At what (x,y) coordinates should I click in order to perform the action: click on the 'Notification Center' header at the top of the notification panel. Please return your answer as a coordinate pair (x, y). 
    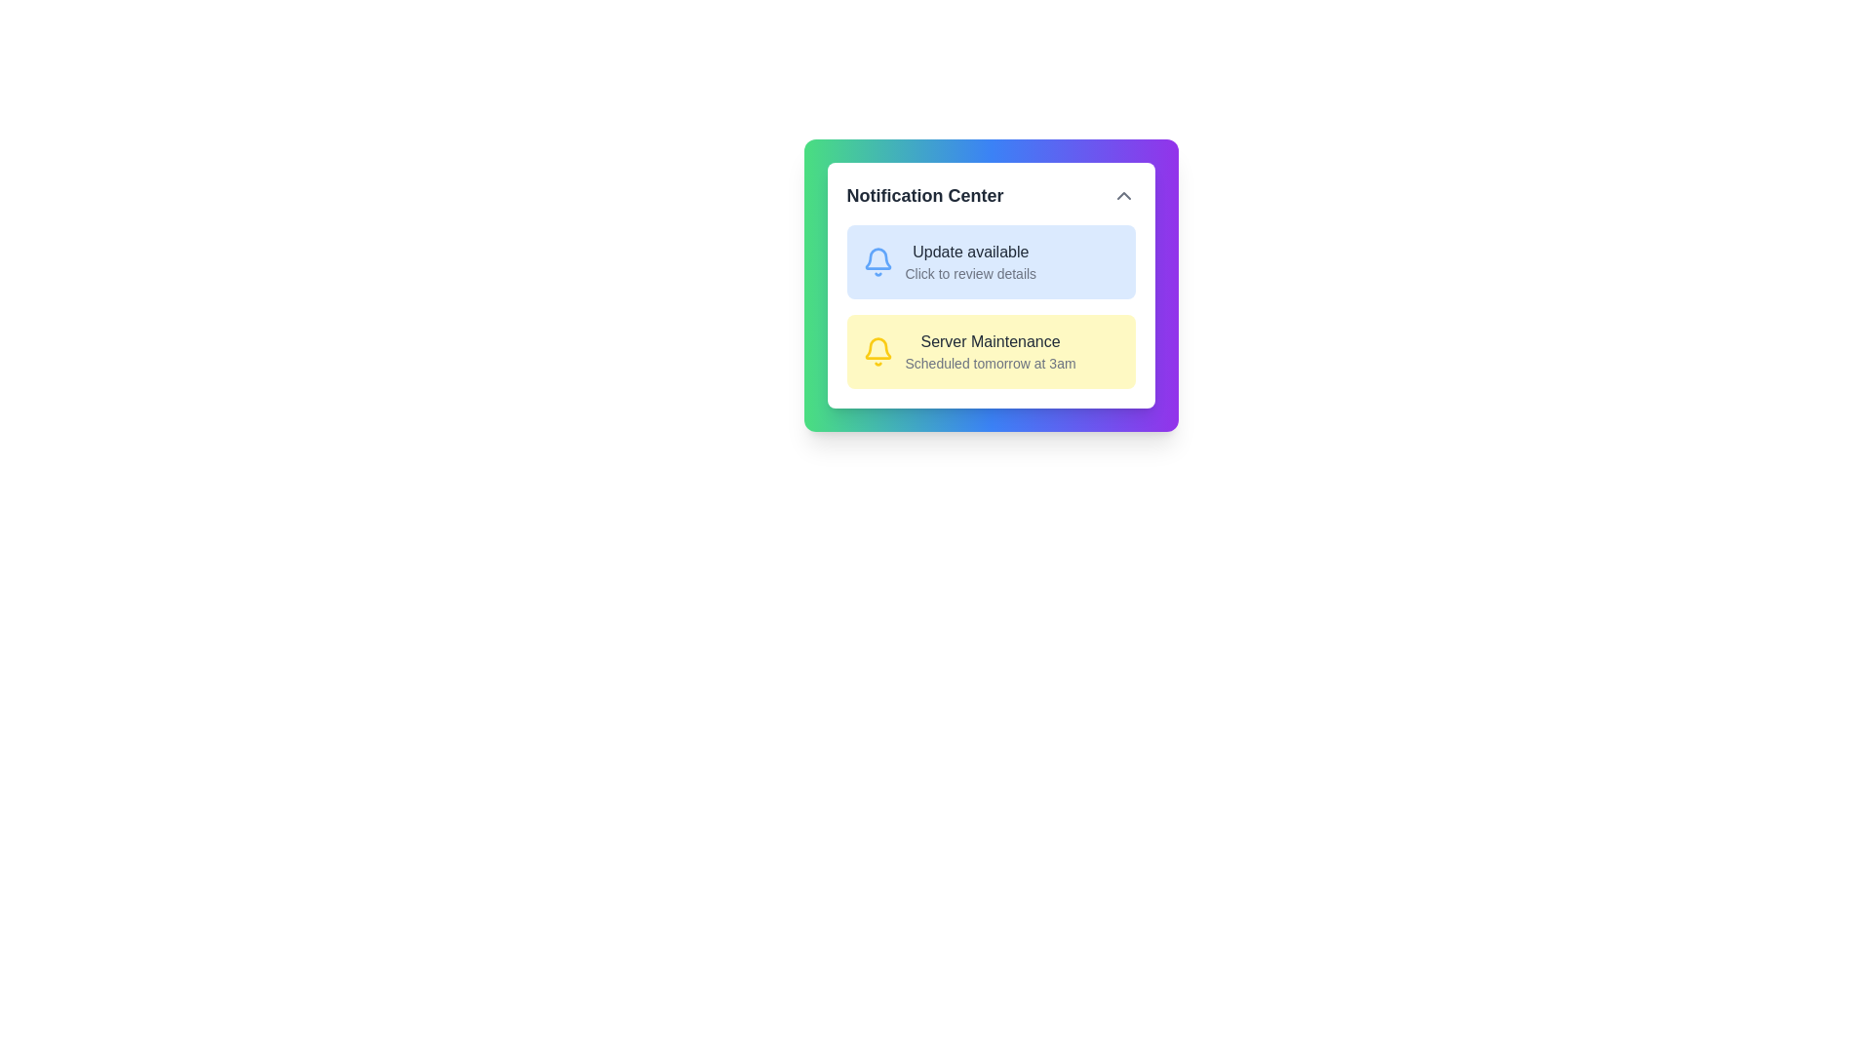
    Looking at the image, I should click on (991, 195).